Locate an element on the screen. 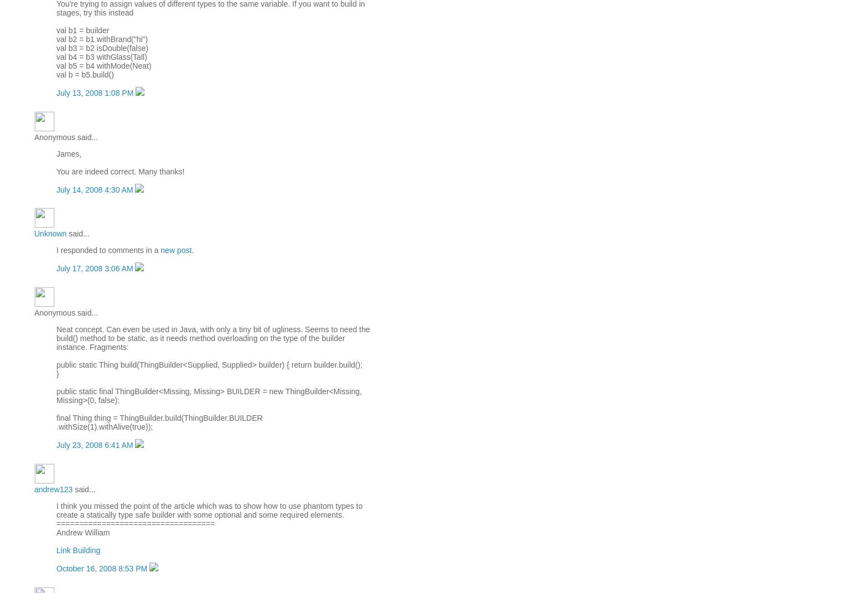 The image size is (855, 593). 'public static final ThingBuilder<Missing, Missing> BUILDER = new ThingBuilder<Missing, Missing>(0, false);' is located at coordinates (55, 395).